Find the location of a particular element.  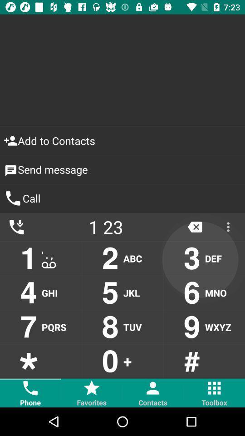

the add to contacts item is located at coordinates (122, 141).